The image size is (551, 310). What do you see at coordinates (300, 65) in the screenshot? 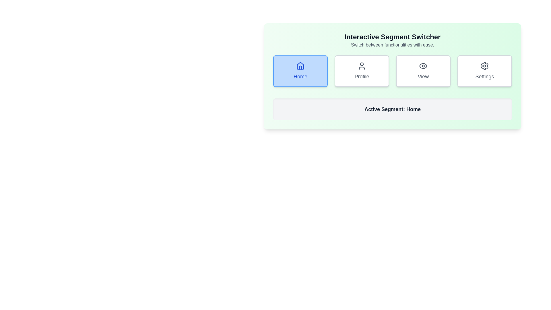
I see `the house icon within the 'Home' button, which is part of a green panel and features a blue background when active` at bounding box center [300, 65].